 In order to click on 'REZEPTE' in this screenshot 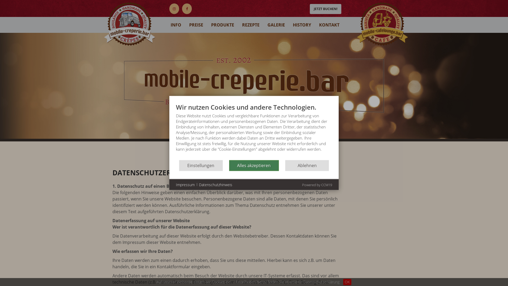, I will do `click(251, 25)`.